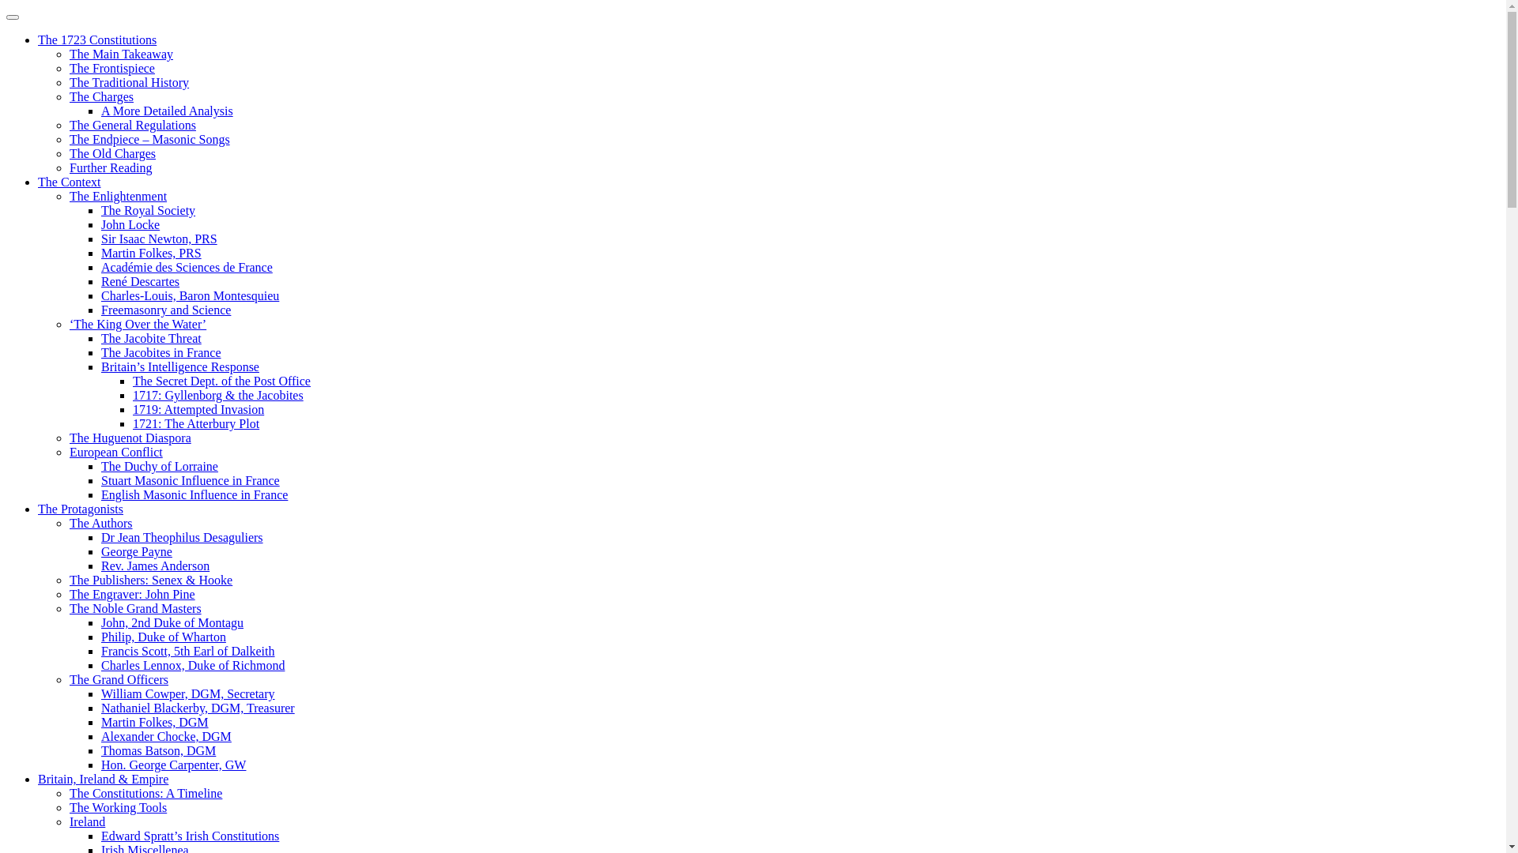 Image resolution: width=1518 pixels, height=853 pixels. I want to click on 'The Royal Society', so click(148, 209).